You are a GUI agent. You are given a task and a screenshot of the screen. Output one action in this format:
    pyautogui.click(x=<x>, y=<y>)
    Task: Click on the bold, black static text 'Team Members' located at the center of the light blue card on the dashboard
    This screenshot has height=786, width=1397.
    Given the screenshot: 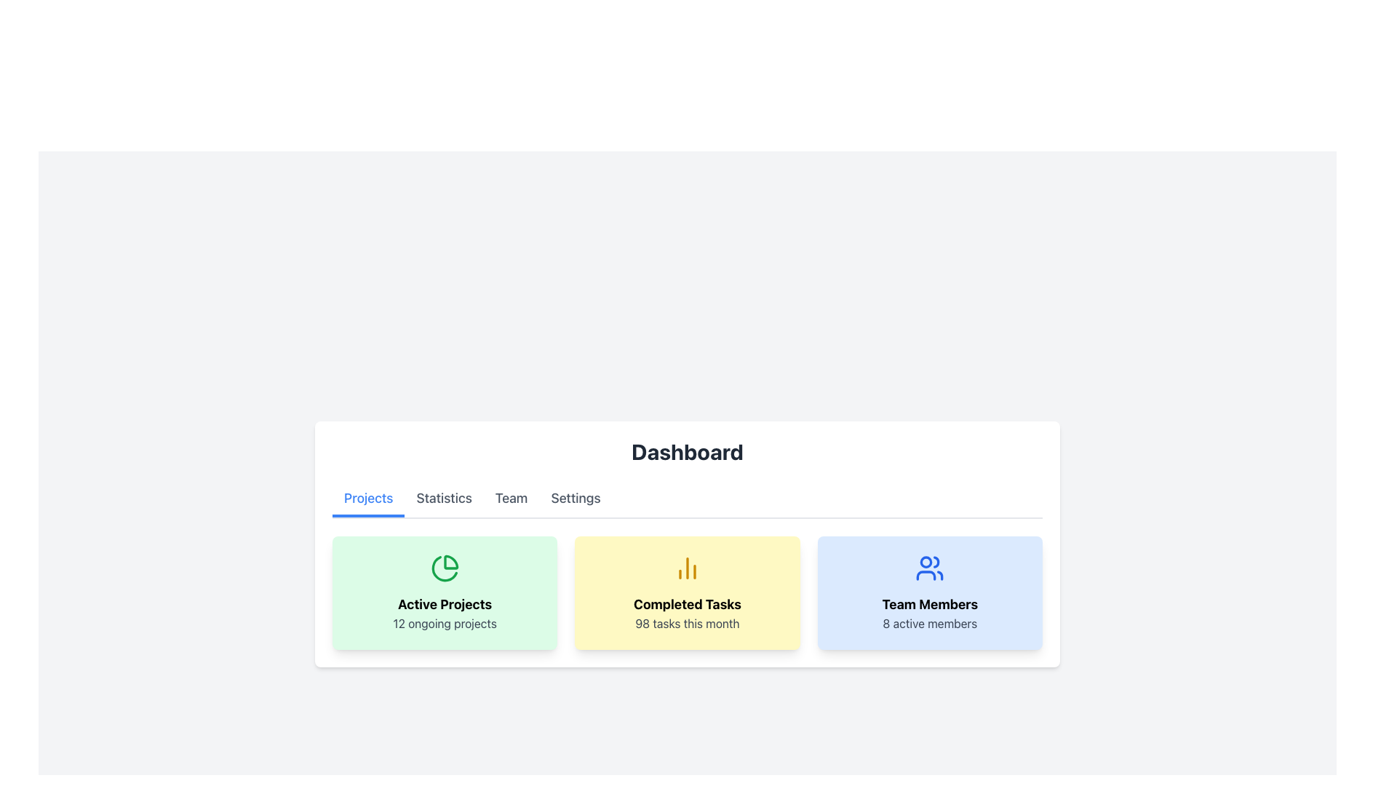 What is the action you would take?
    pyautogui.click(x=929, y=604)
    